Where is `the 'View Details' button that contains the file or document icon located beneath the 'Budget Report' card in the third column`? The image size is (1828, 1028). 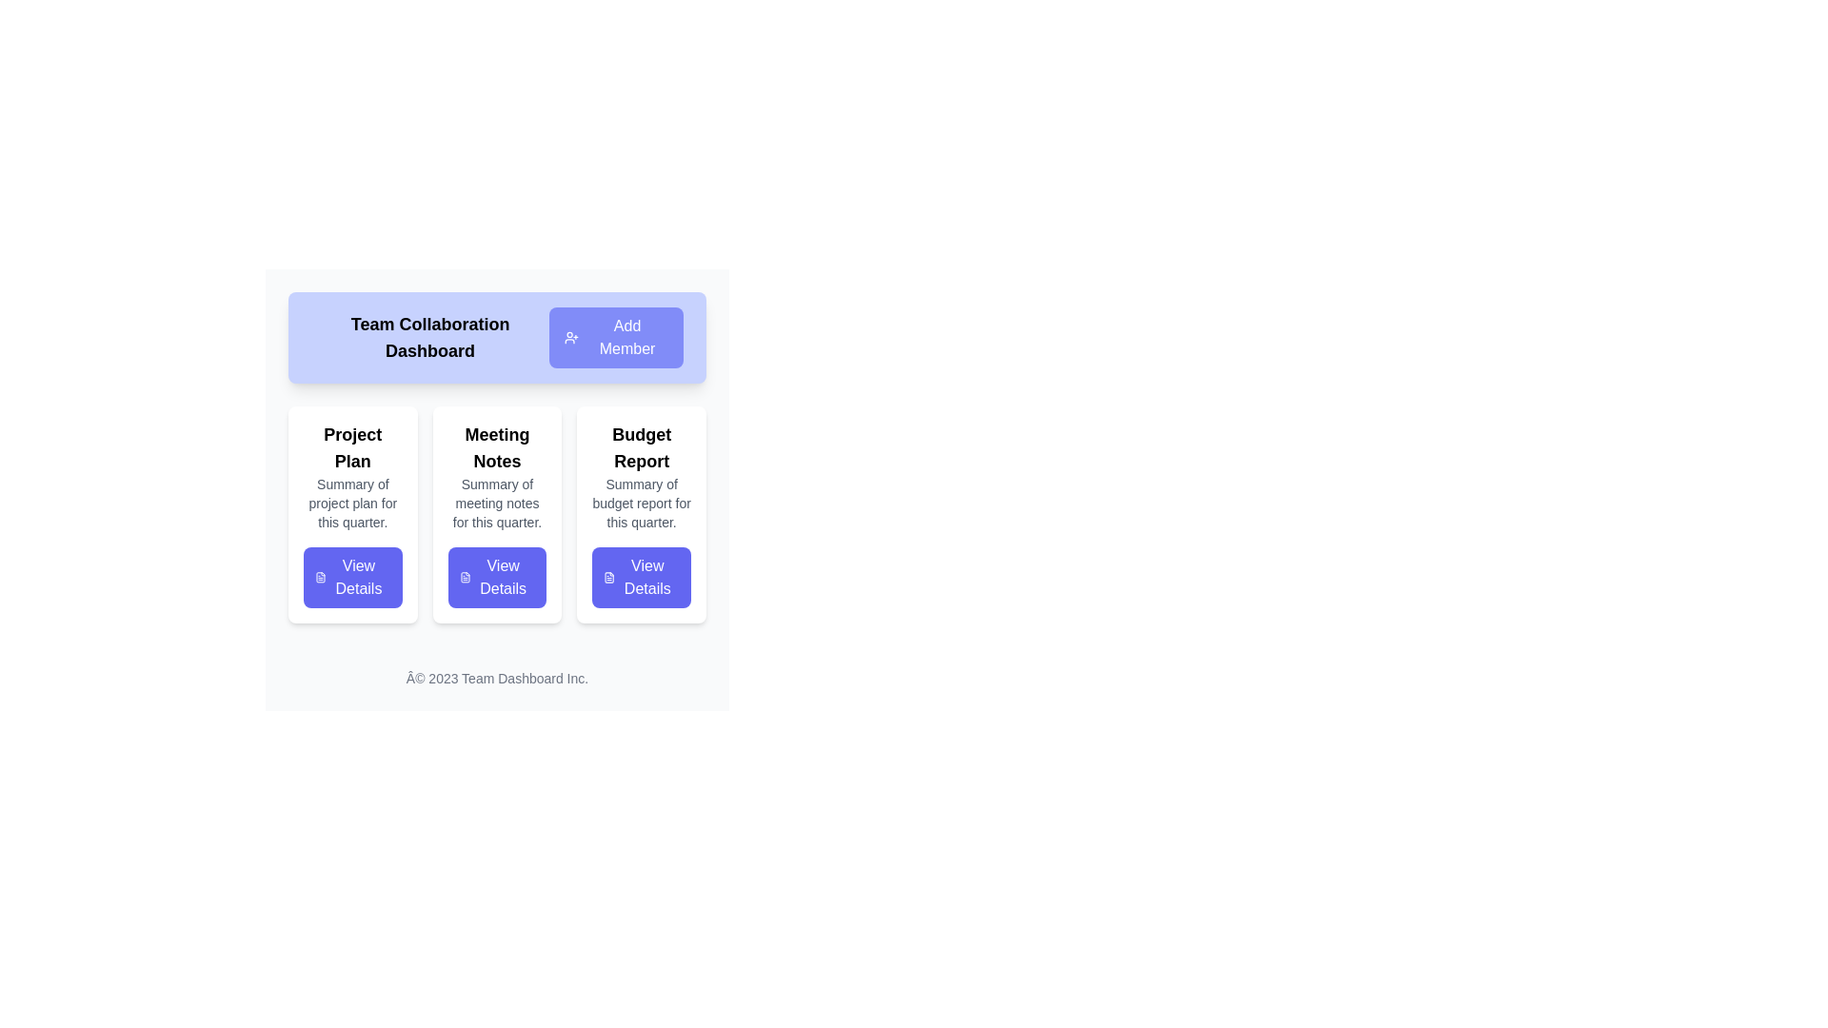 the 'View Details' button that contains the file or document icon located beneath the 'Budget Report' card in the third column is located at coordinates (609, 576).